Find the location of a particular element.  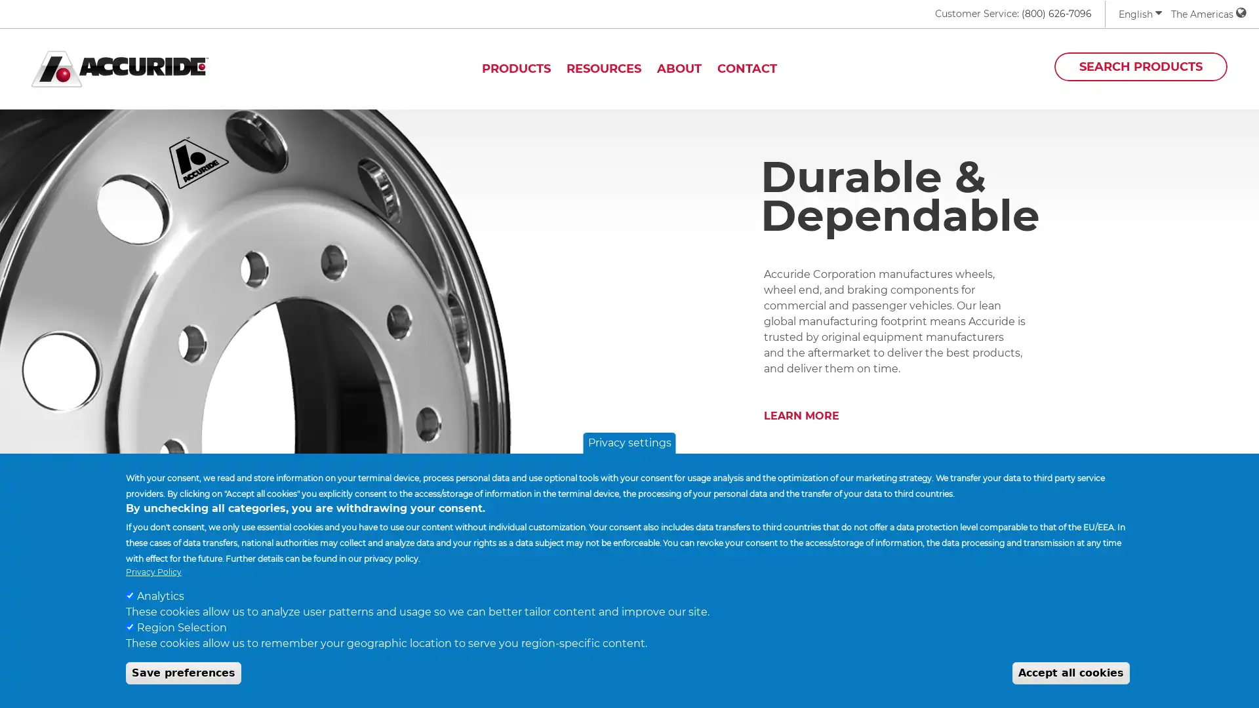

Privacy settings is located at coordinates (628, 442).